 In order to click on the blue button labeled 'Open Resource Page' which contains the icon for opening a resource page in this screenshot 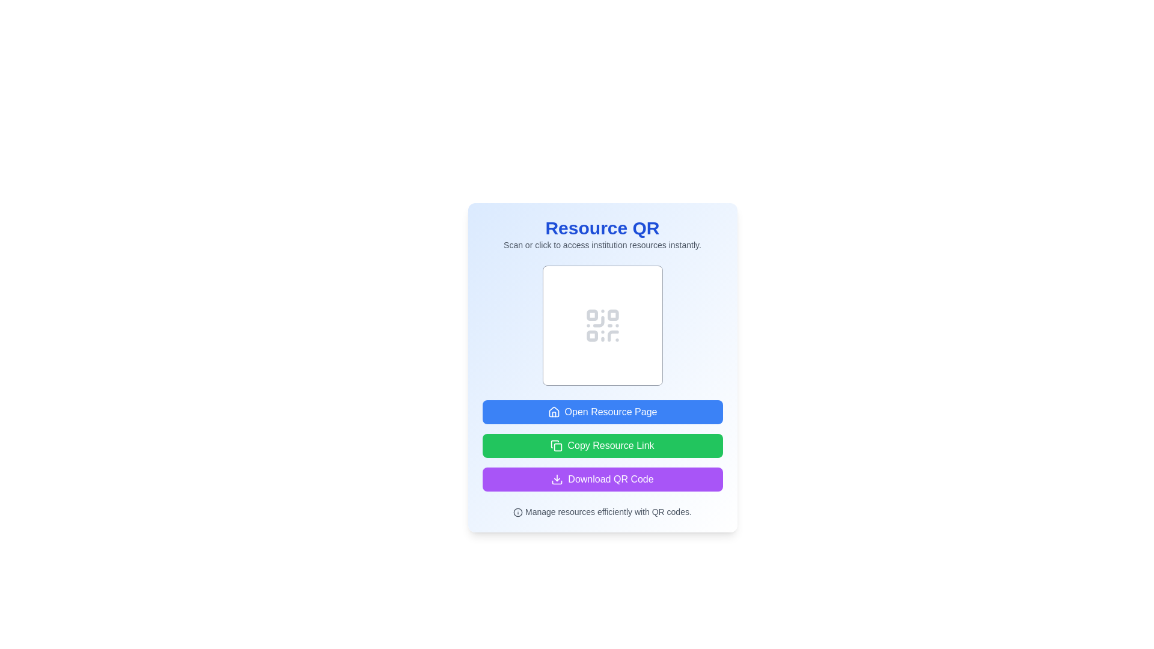, I will do `click(553, 412)`.